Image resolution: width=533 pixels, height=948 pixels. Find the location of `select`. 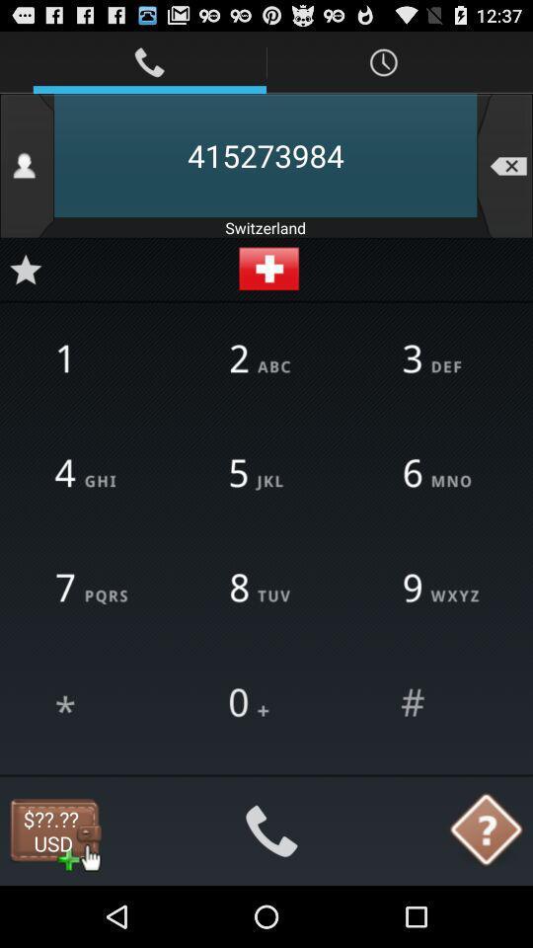

select is located at coordinates (439, 703).